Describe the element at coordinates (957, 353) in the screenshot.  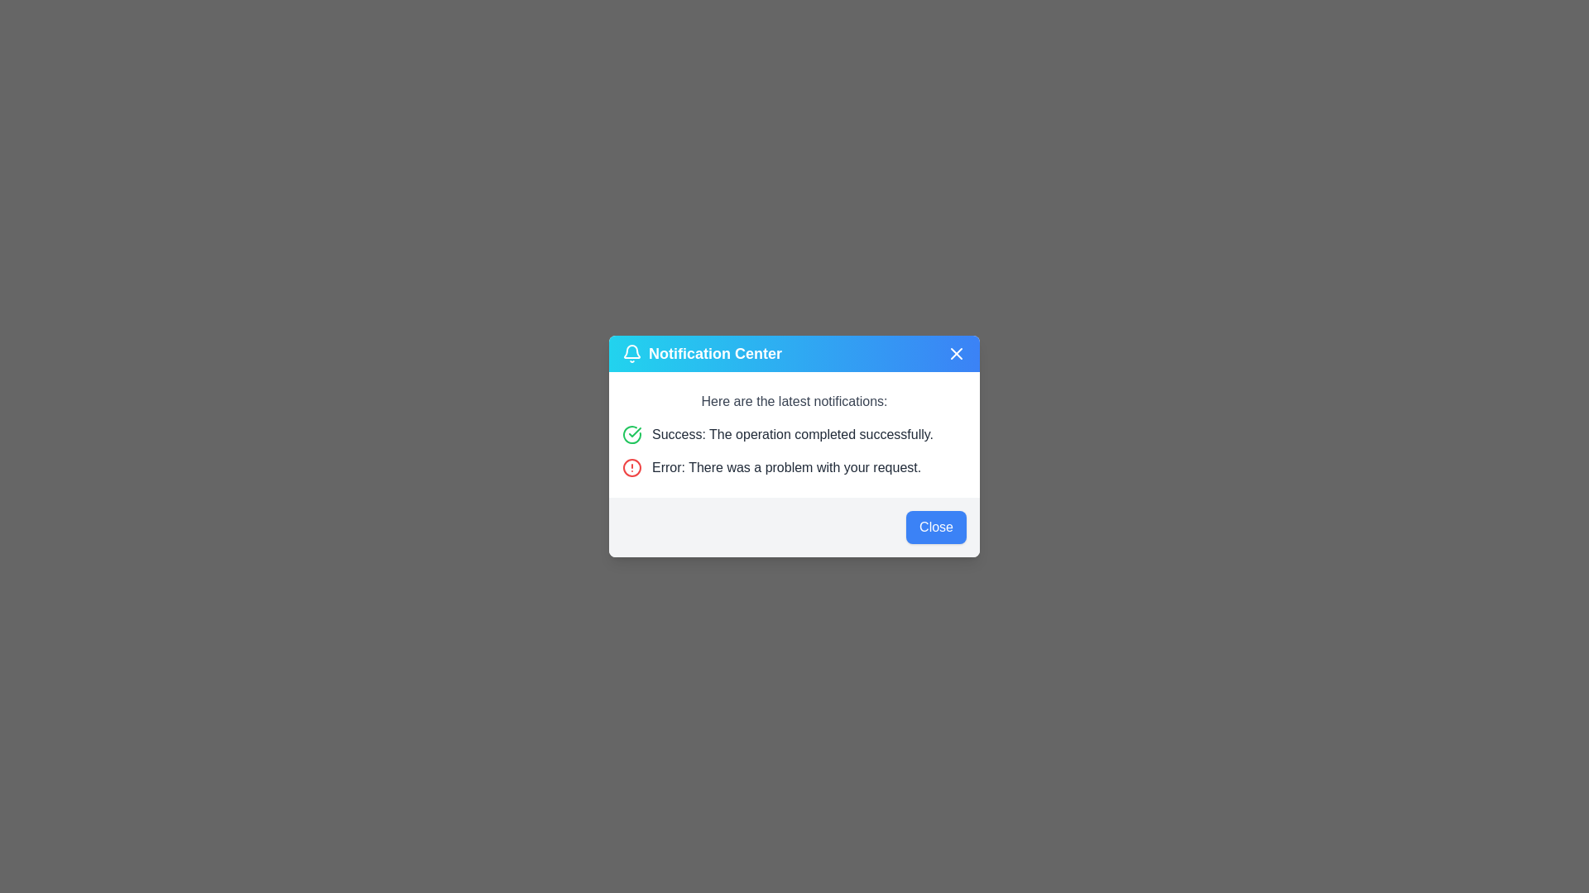
I see `the close icon button located in the upper-right corner of the 'Notification Center' modal` at that location.